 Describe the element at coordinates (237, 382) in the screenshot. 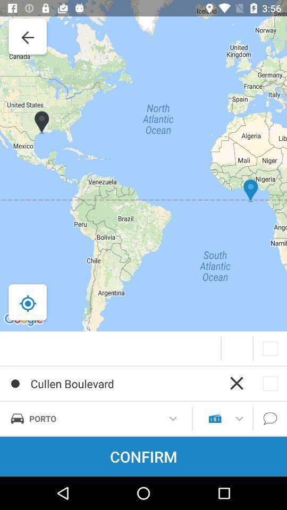

I see `the close icon` at that location.